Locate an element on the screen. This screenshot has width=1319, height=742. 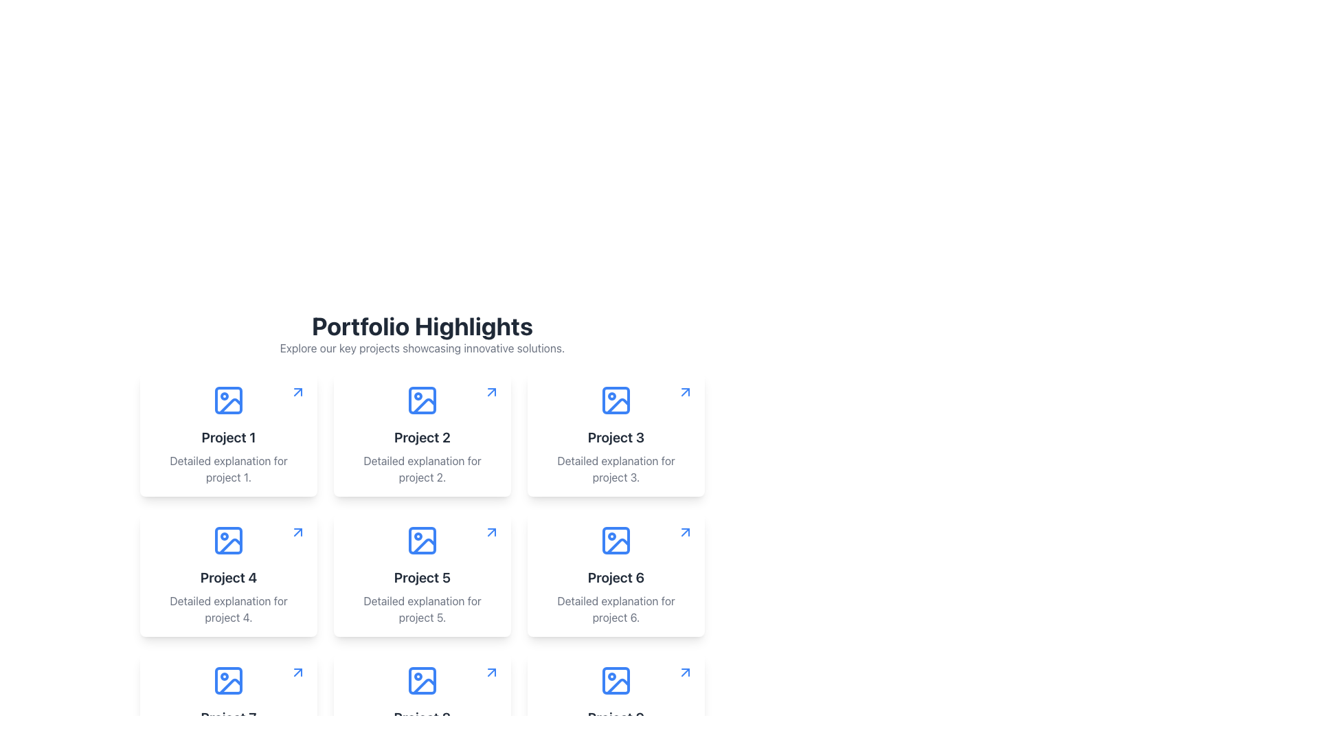
the icon located in the top right corner of the 'Project 9' card is located at coordinates (686, 672).